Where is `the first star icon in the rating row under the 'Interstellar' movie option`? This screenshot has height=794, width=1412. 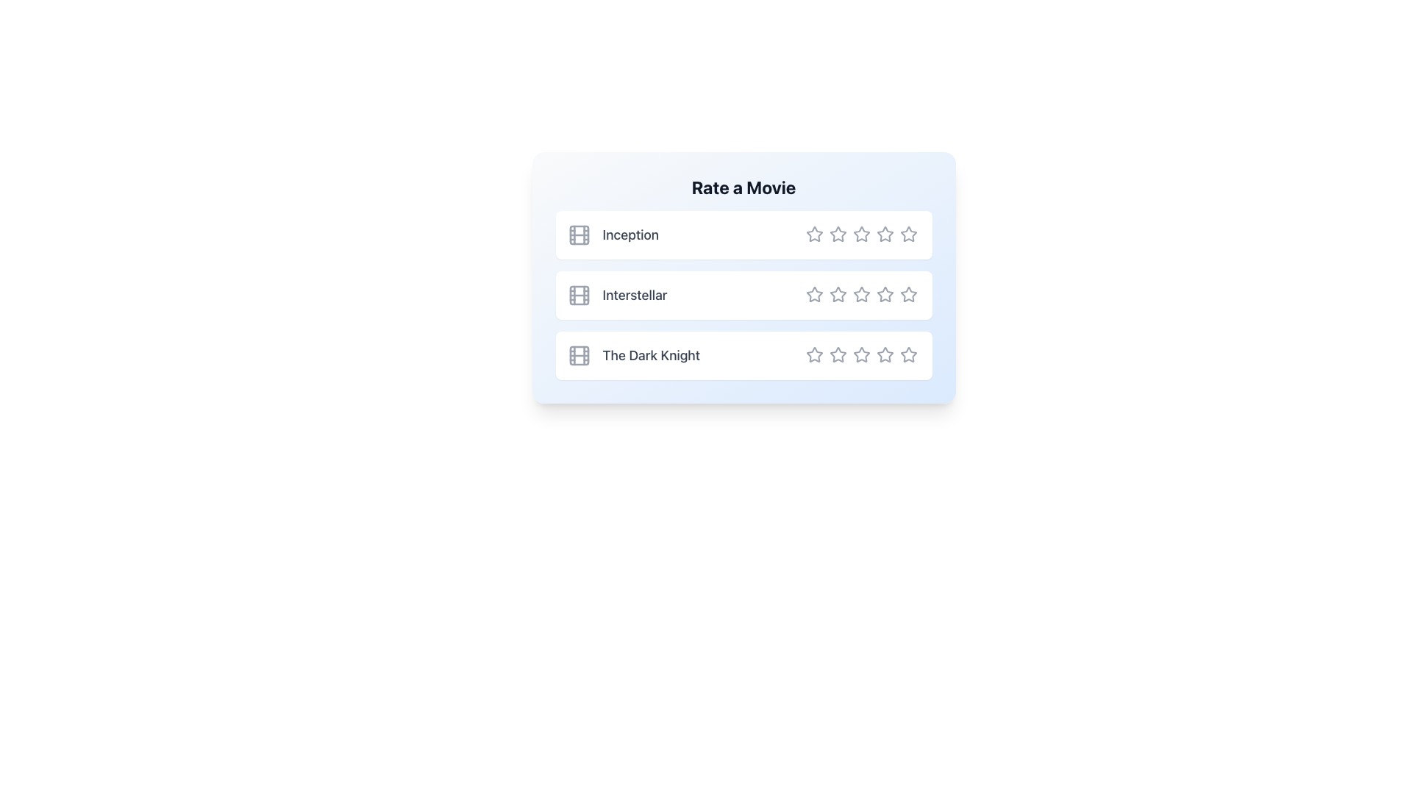 the first star icon in the rating row under the 'Interstellar' movie option is located at coordinates (813, 295).